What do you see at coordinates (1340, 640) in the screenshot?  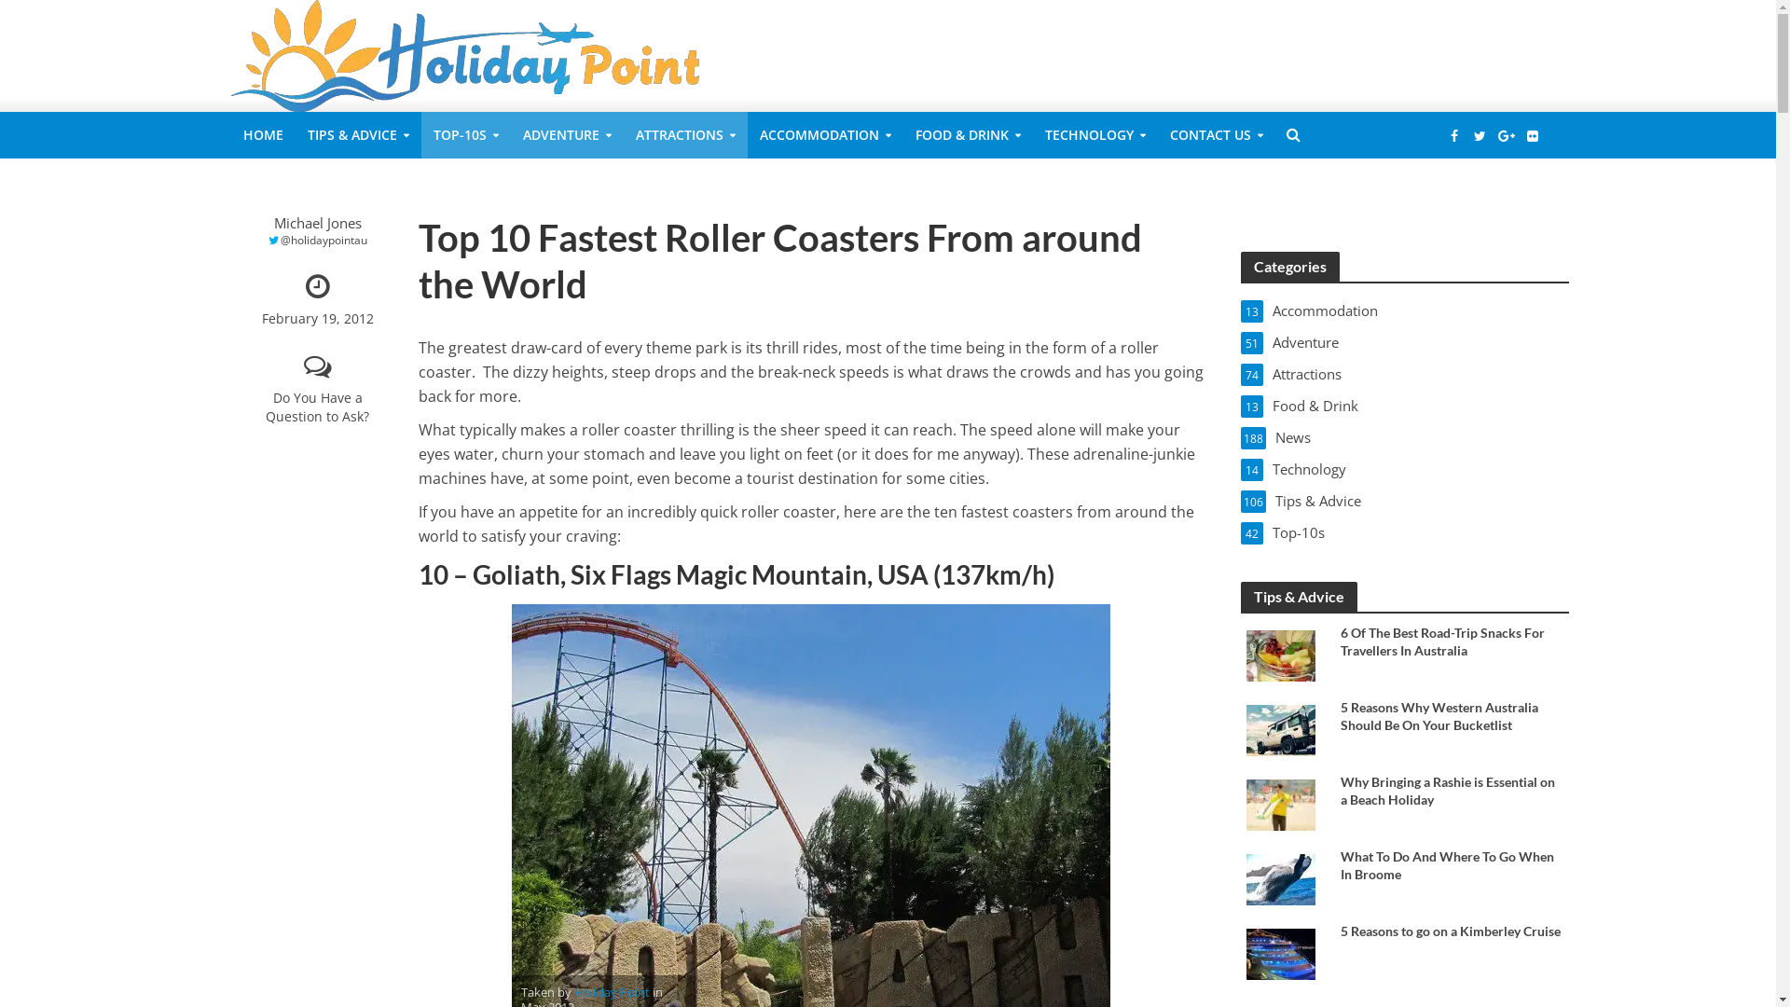 I see `'6 Of The Best Road-Trip Snacks For Travellers In Australia'` at bounding box center [1340, 640].